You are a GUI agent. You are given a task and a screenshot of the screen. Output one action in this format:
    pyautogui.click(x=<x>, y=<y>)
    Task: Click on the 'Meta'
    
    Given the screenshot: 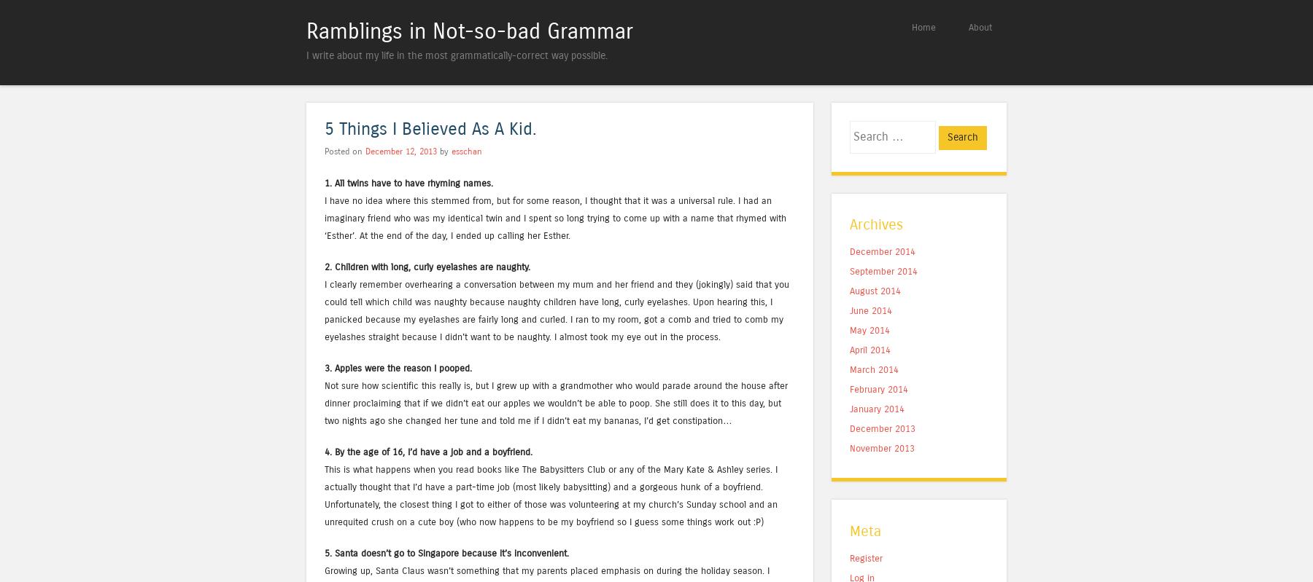 What is the action you would take?
    pyautogui.click(x=864, y=530)
    